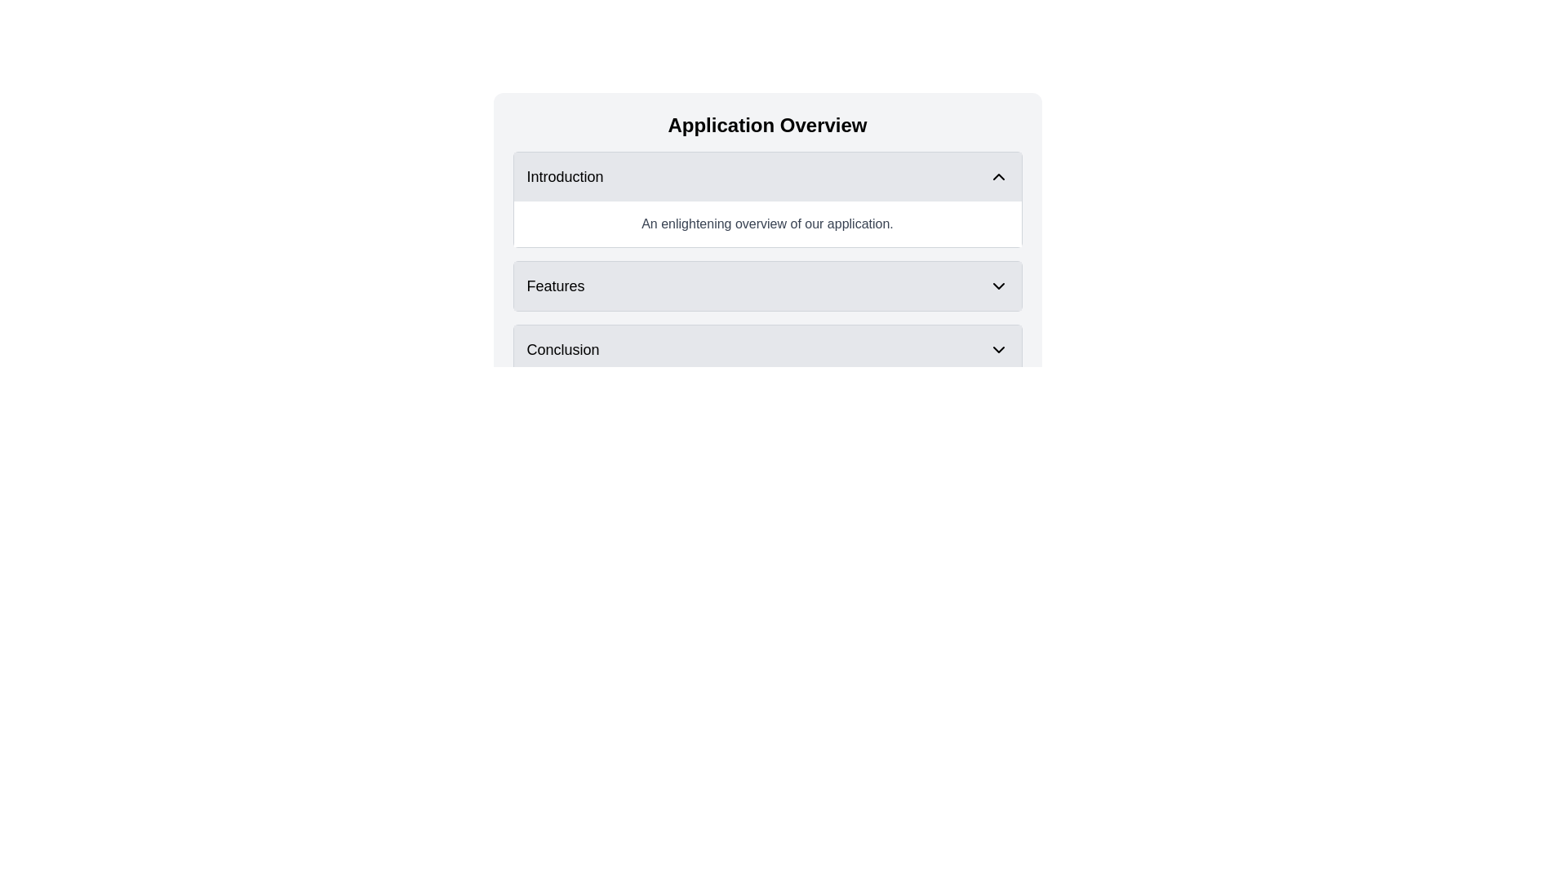  What do you see at coordinates (997, 176) in the screenshot?
I see `the chevron-up icon on the right side of the 'Introduction' horizontal bar` at bounding box center [997, 176].